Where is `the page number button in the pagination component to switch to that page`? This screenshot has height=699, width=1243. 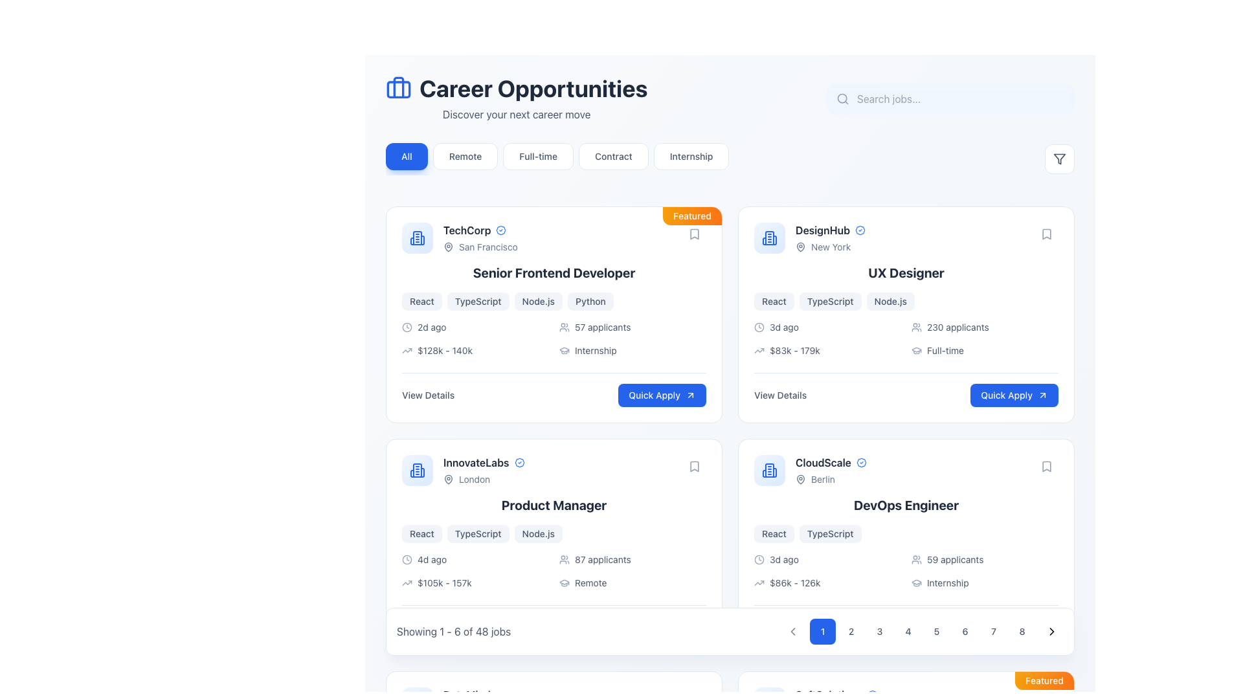 the page number button in the pagination component to switch to that page is located at coordinates (922, 630).